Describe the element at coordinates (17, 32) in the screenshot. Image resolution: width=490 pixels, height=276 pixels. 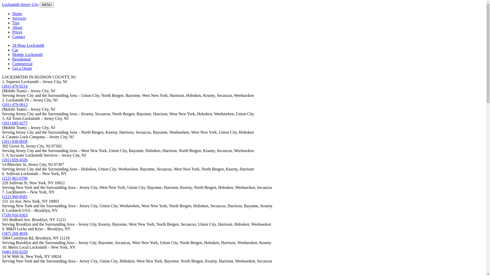
I see `'Prices'` at that location.